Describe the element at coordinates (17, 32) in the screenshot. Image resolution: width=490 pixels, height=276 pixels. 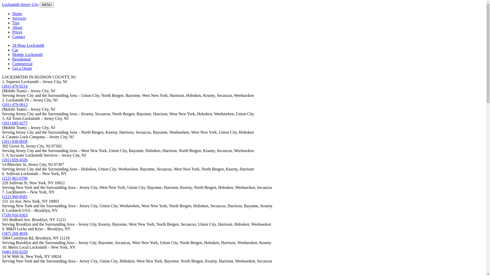
I see `'Prices'` at that location.